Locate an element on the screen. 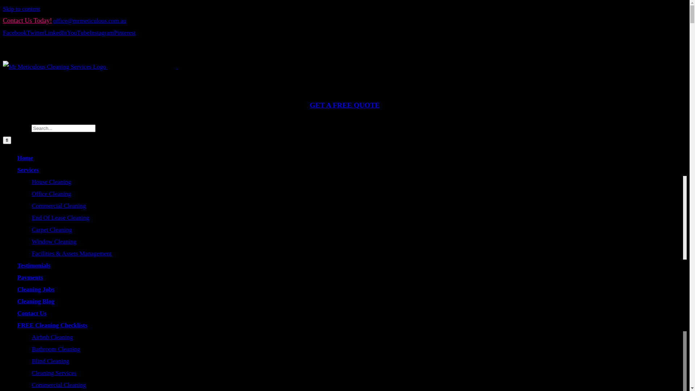 This screenshot has width=695, height=391. 'Twitter' is located at coordinates (35, 33).